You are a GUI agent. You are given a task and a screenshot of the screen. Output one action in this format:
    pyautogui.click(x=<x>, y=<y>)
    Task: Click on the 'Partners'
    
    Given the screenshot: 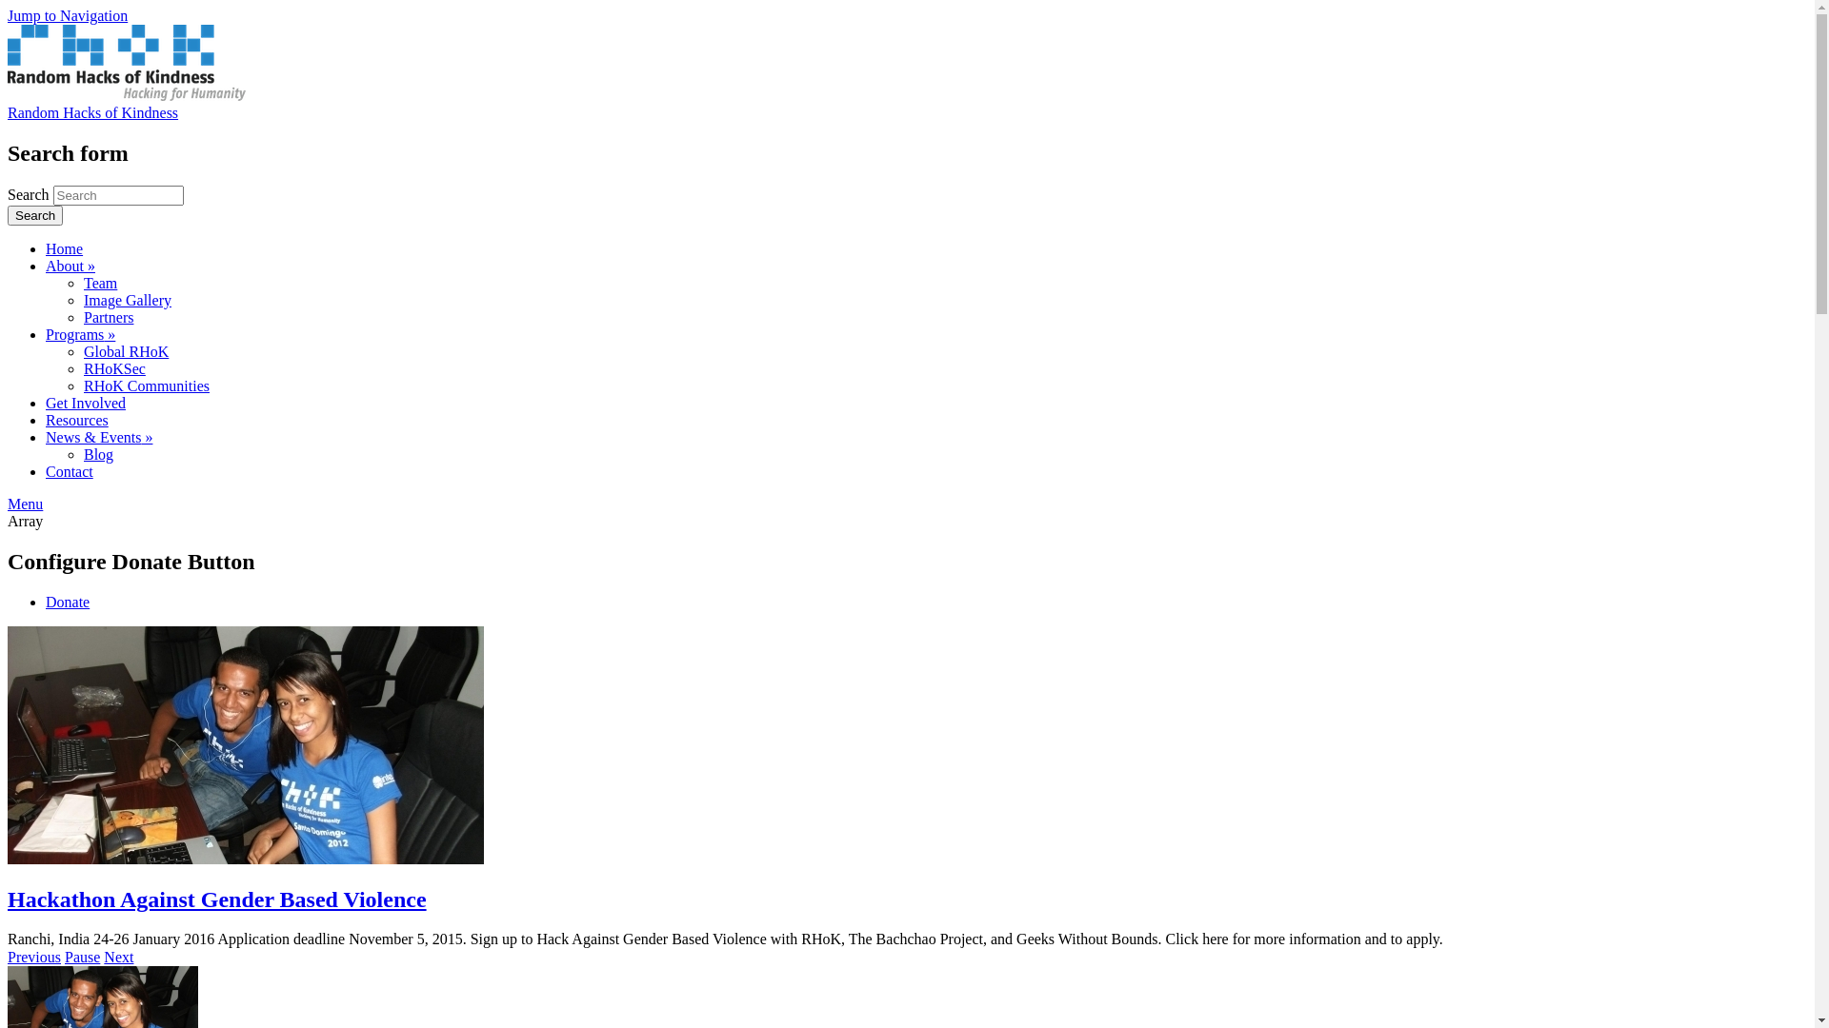 What is the action you would take?
    pyautogui.click(x=108, y=316)
    